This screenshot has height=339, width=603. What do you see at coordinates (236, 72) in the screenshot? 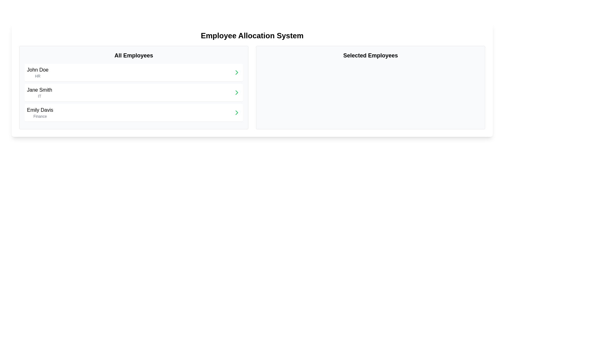
I see `the right-pointing green chevron icon located at the far right of the 'All Employees' section, next to 'John Doe HR'` at bounding box center [236, 72].